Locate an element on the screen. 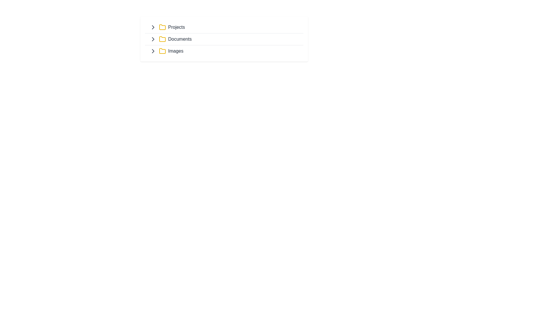 The image size is (559, 314). the distinct yellow folder icon positioned adjacent to the 'Documents' label in the vertical list of folder items is located at coordinates (162, 39).